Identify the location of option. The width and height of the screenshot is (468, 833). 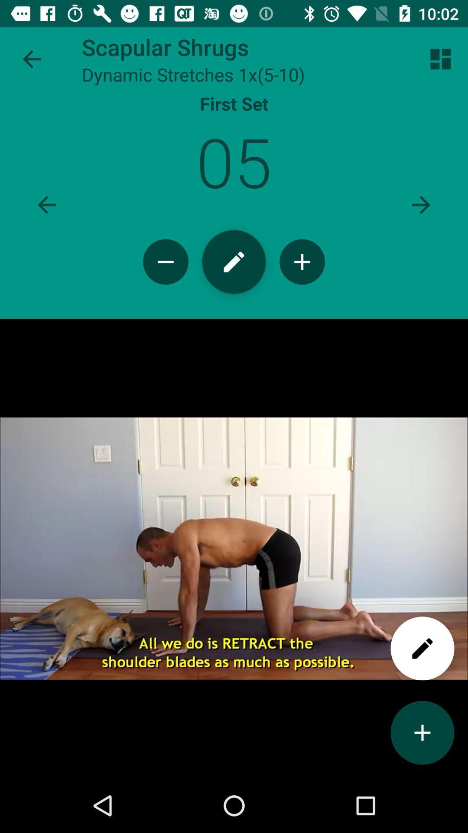
(422, 732).